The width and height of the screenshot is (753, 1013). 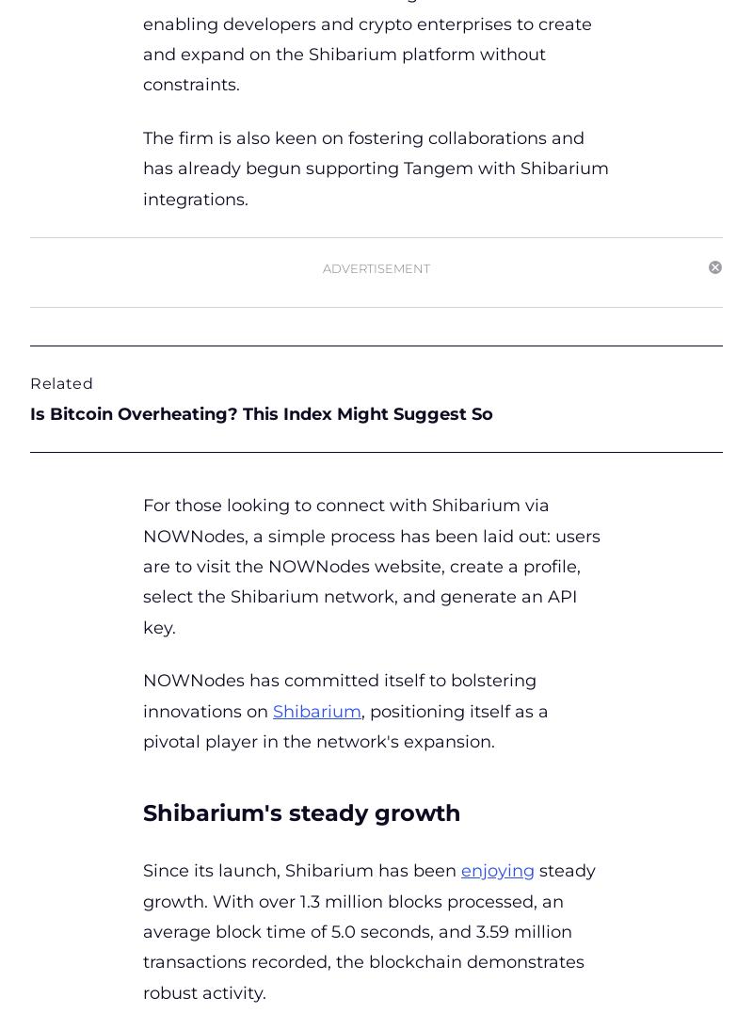 I want to click on ', positioning itself as a pivotal player in the network's expansion.', so click(x=143, y=725).